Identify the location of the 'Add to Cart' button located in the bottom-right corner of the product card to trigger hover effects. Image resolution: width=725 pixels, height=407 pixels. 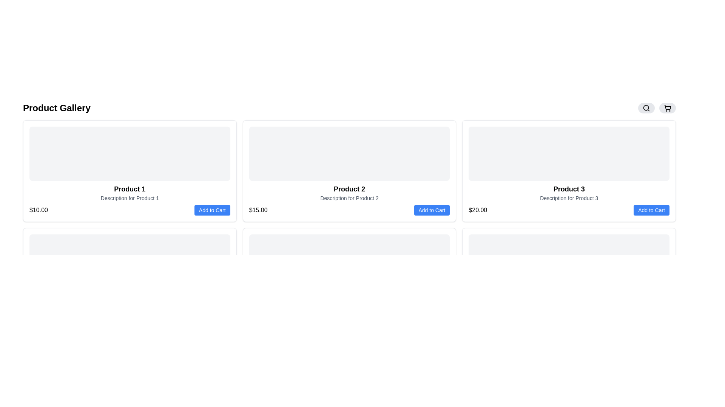
(212, 210).